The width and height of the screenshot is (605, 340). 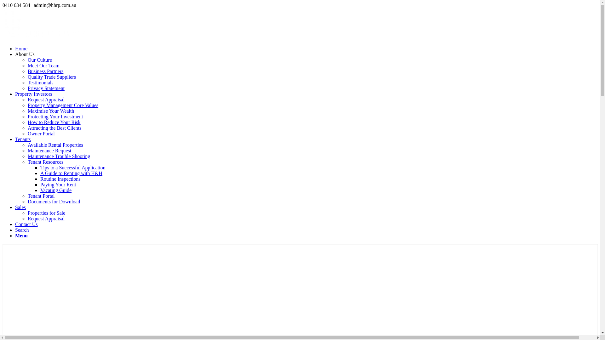 I want to click on 'Attracting the Best Clients', so click(x=54, y=127).